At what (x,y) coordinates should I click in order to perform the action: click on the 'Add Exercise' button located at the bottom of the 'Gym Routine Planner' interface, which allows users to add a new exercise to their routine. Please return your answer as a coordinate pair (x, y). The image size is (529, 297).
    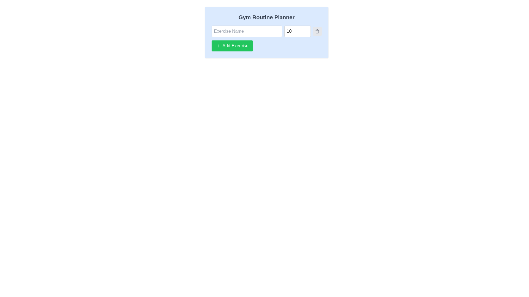
    Looking at the image, I should click on (232, 45).